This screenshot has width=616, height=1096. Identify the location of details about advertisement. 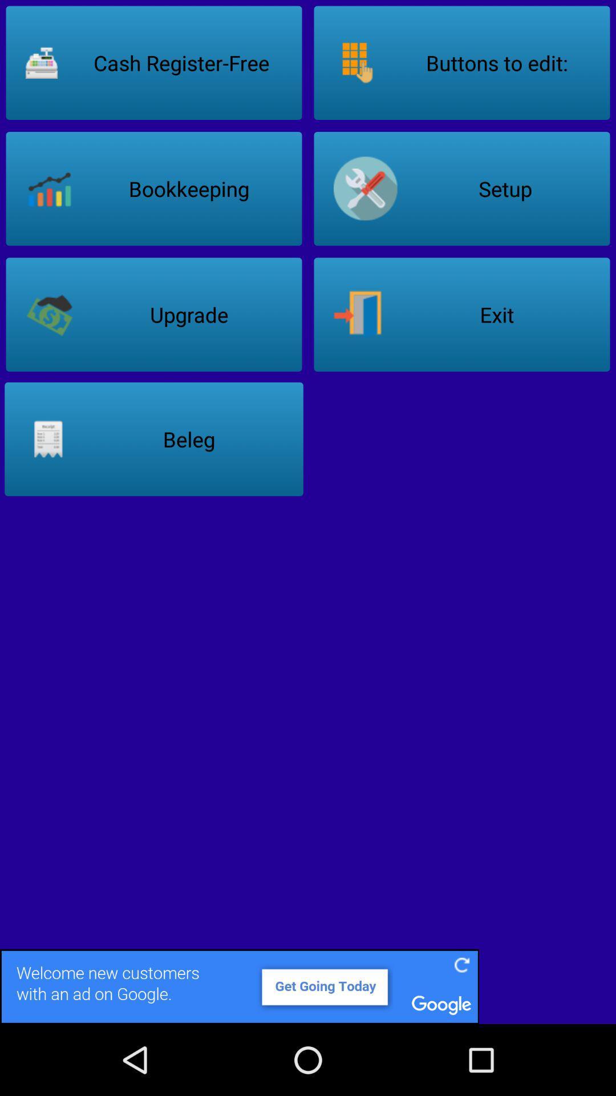
(308, 986).